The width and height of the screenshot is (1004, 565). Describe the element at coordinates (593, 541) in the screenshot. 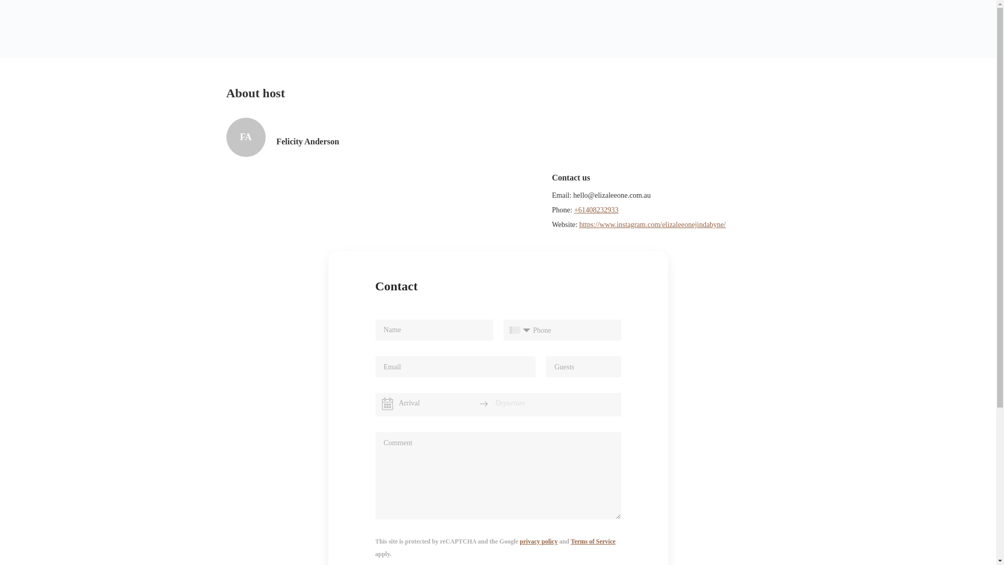

I see `'Terms of Service'` at that location.